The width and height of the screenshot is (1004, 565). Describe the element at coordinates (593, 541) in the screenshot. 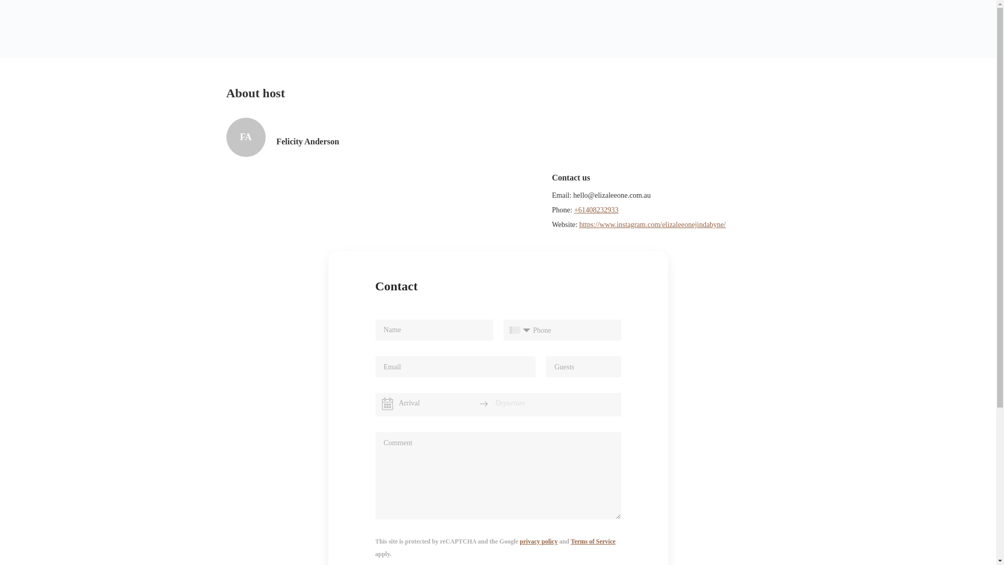

I see `'Terms of Service'` at that location.